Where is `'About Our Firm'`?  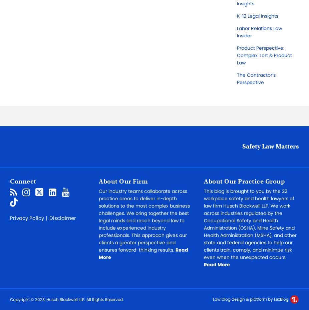 'About Our Firm' is located at coordinates (123, 181).